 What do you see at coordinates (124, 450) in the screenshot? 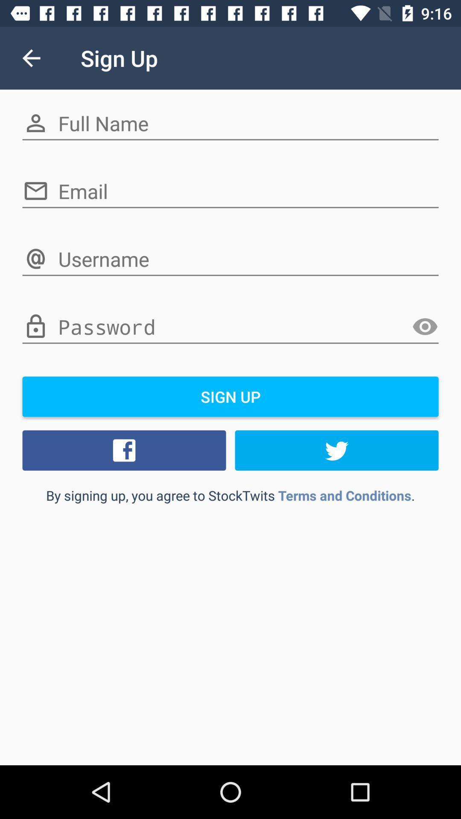
I see `the icon below the sign up item` at bounding box center [124, 450].